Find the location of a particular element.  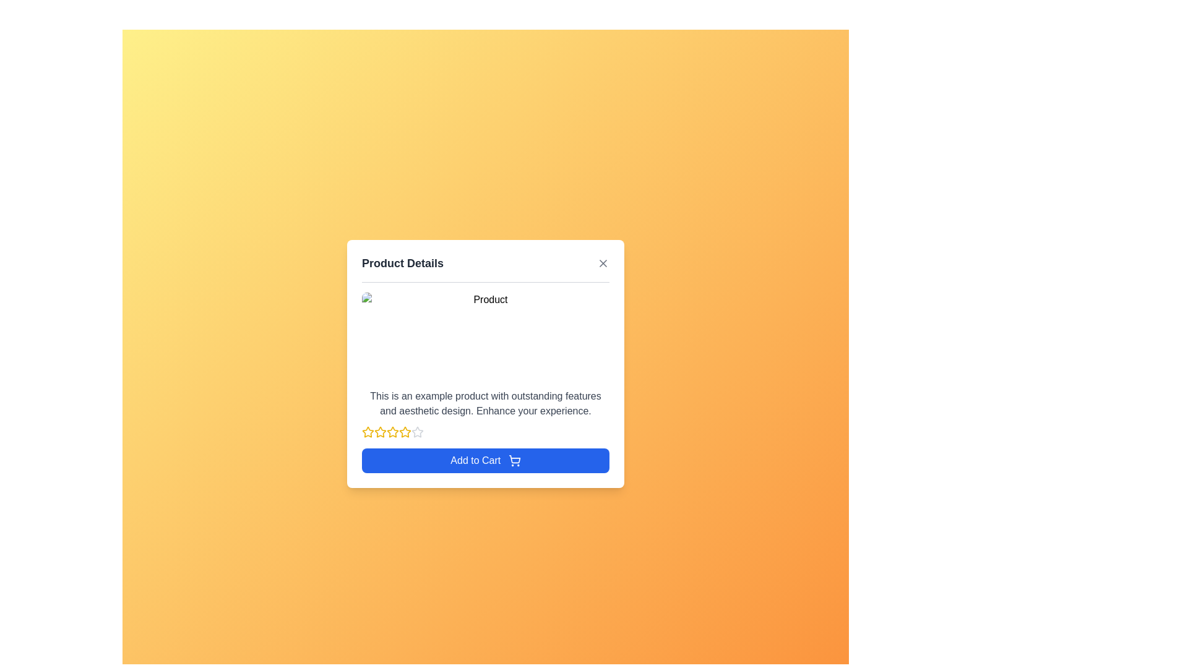

the close button represented by a thin, dark-grey 'X' icon in the top-right corner of the 'Product Details' header to change its color is located at coordinates (603, 262).